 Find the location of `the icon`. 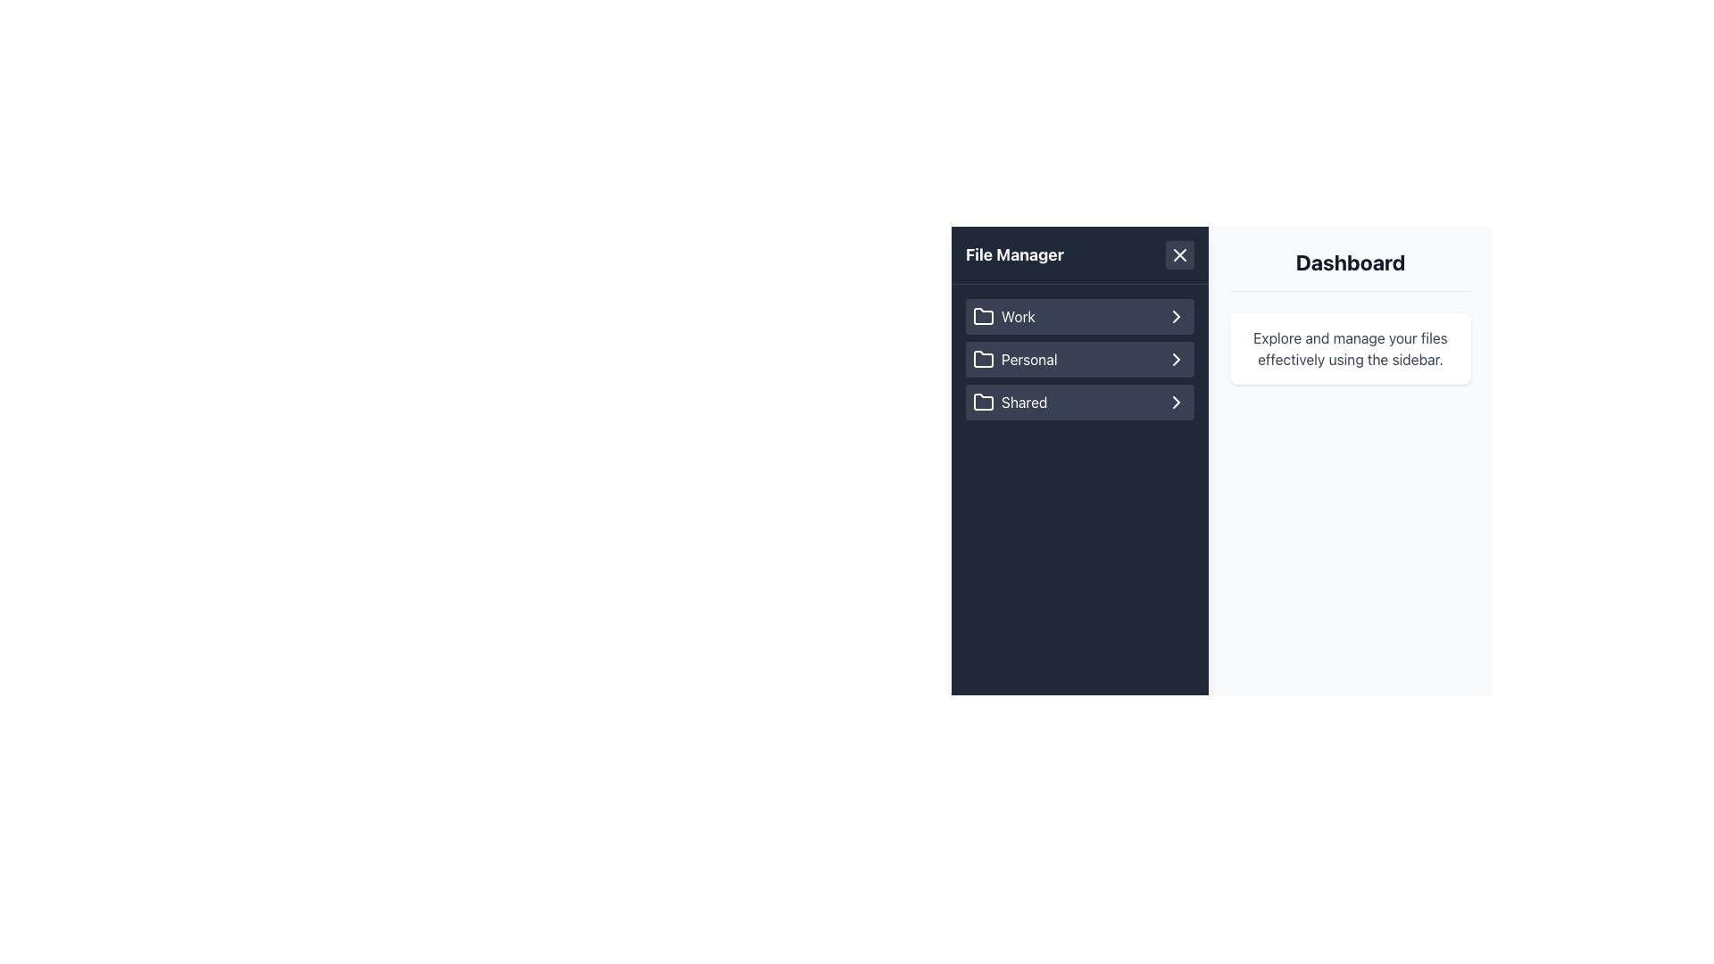

the icon is located at coordinates (983, 403).